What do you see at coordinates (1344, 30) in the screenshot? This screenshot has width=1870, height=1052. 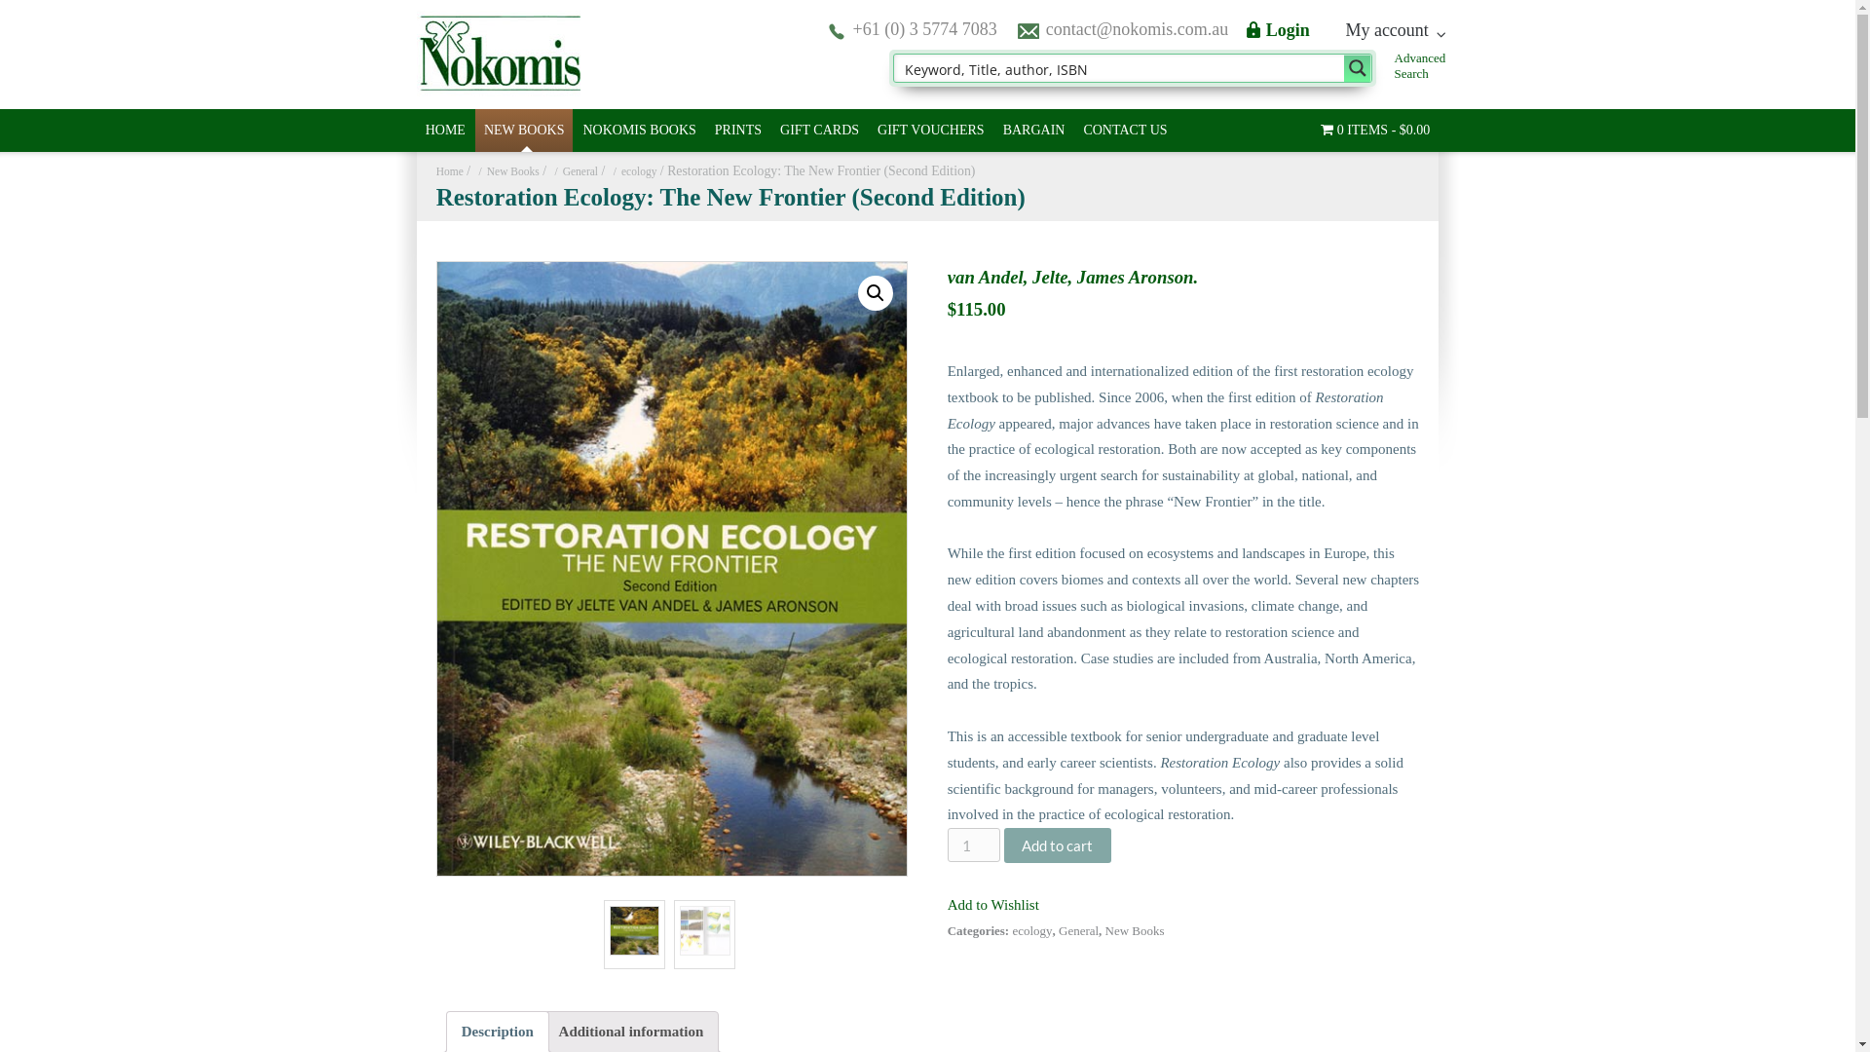 I see `'My account'` at bounding box center [1344, 30].